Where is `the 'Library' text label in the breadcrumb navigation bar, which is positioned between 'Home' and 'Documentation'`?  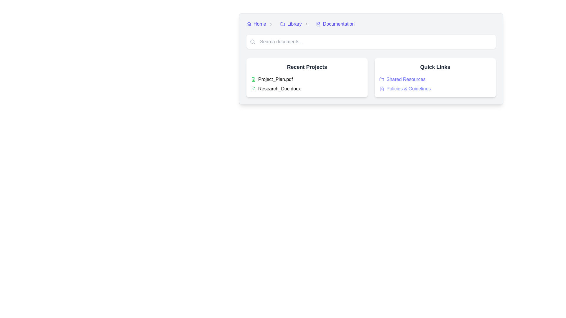 the 'Library' text label in the breadcrumb navigation bar, which is positioned between 'Home' and 'Documentation' is located at coordinates (294, 24).